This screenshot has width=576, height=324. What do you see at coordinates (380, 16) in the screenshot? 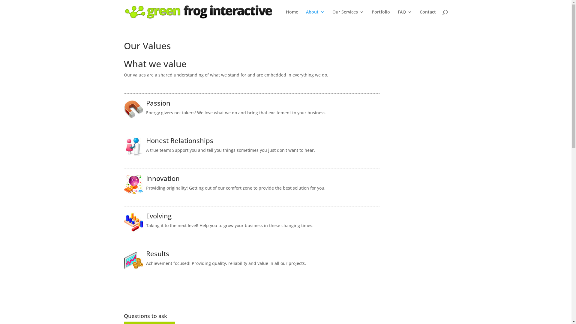
I see `'Portfolio'` at bounding box center [380, 16].